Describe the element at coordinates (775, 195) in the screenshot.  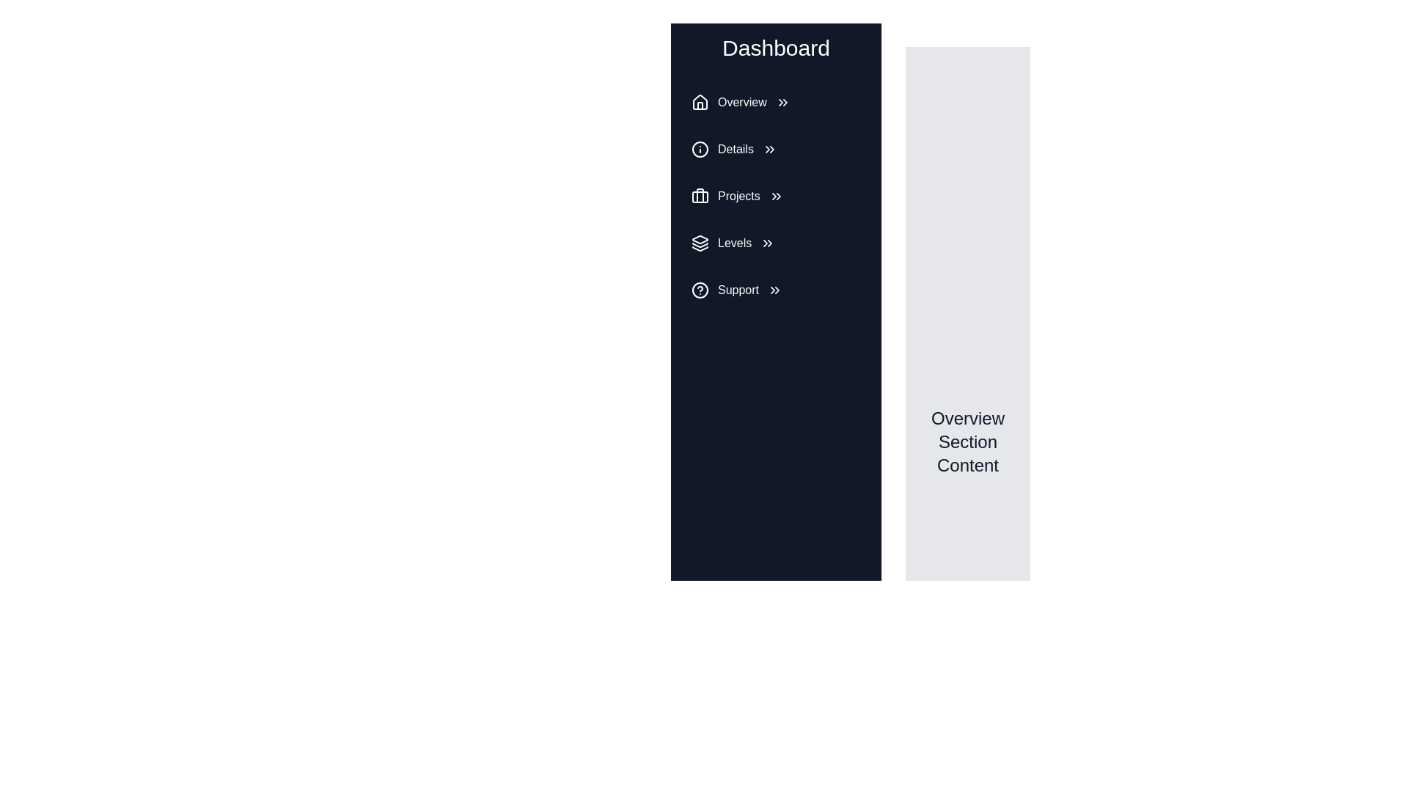
I see `the third navigation link in the vertical menu on the left-hand side of the interface to apply hover styling, which directs the user to the 'Projects' section` at that location.